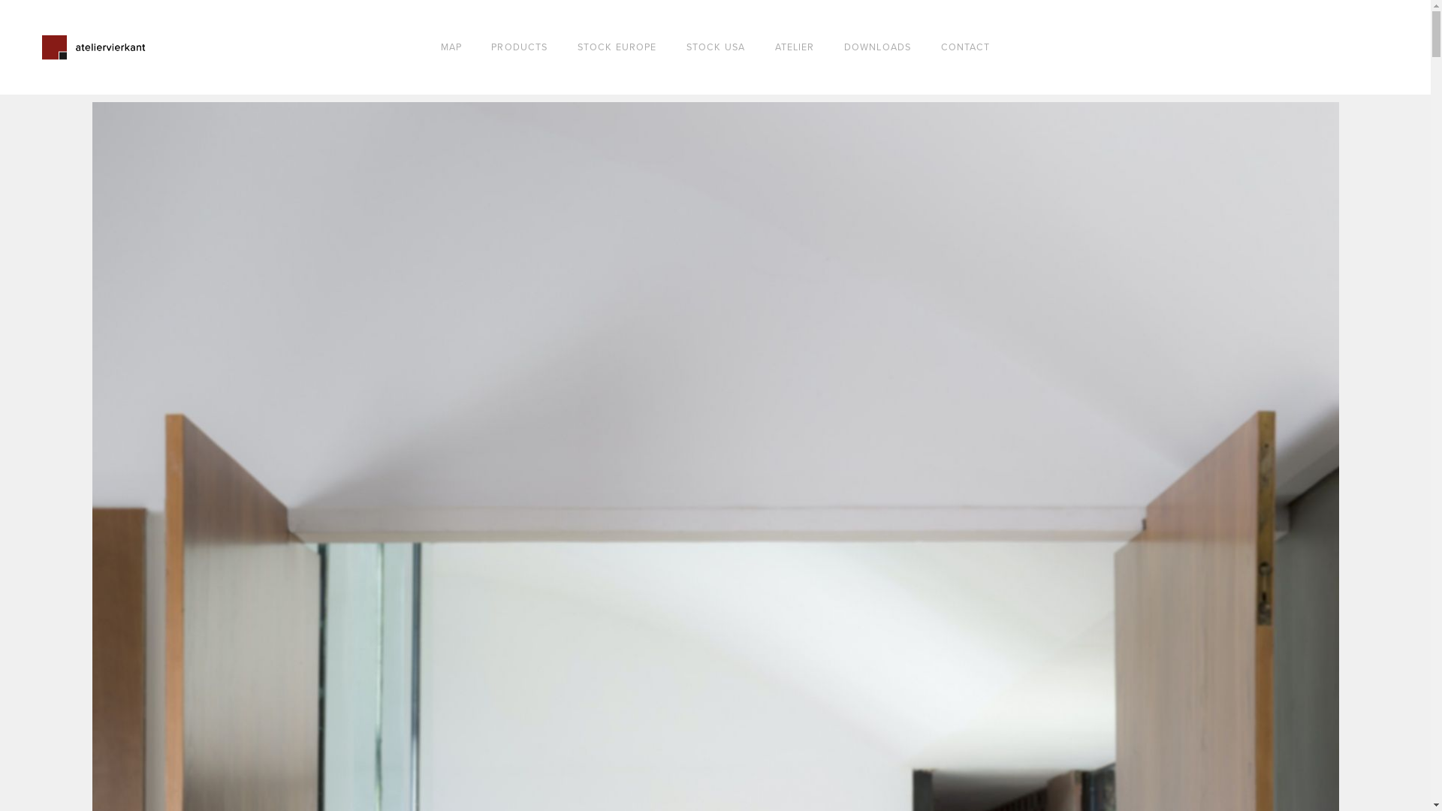  What do you see at coordinates (519, 47) in the screenshot?
I see `'PRODUCTS'` at bounding box center [519, 47].